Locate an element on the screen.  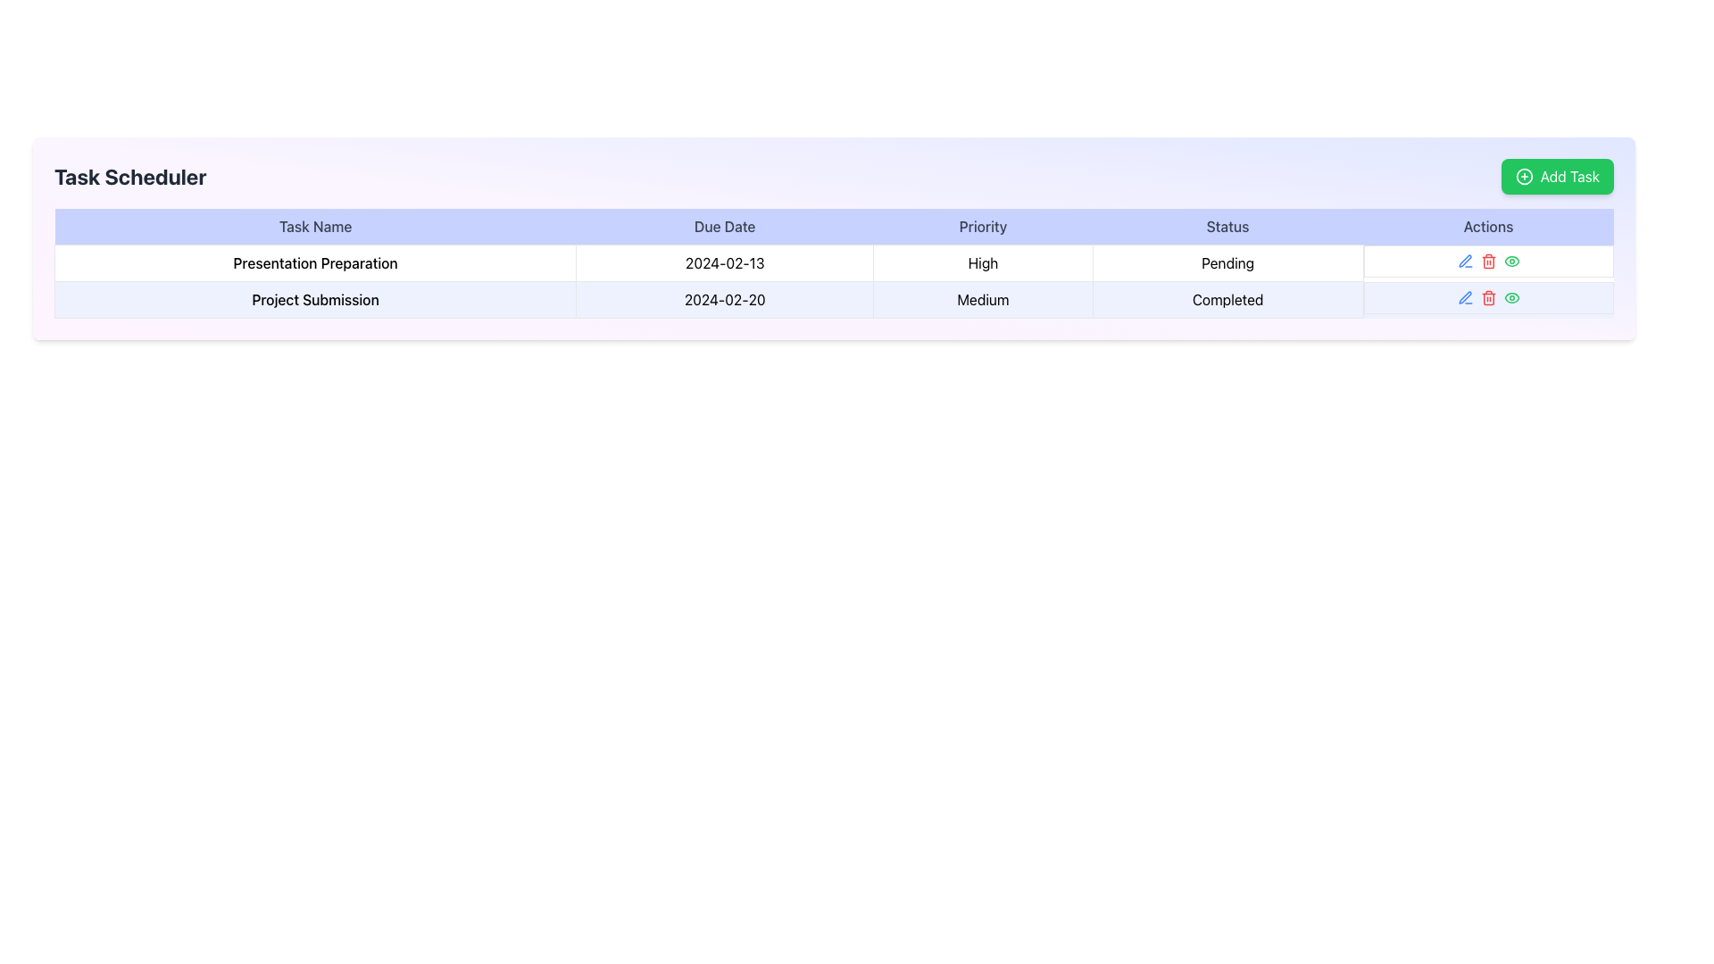
the static text label 'Task Scheduler', which is styled with bold, large font and located at the top left corner of the application interface is located at coordinates (129, 176).